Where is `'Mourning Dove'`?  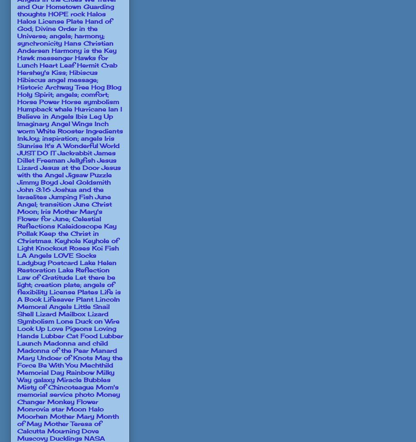 'Mourning Dove' is located at coordinates (73, 430).